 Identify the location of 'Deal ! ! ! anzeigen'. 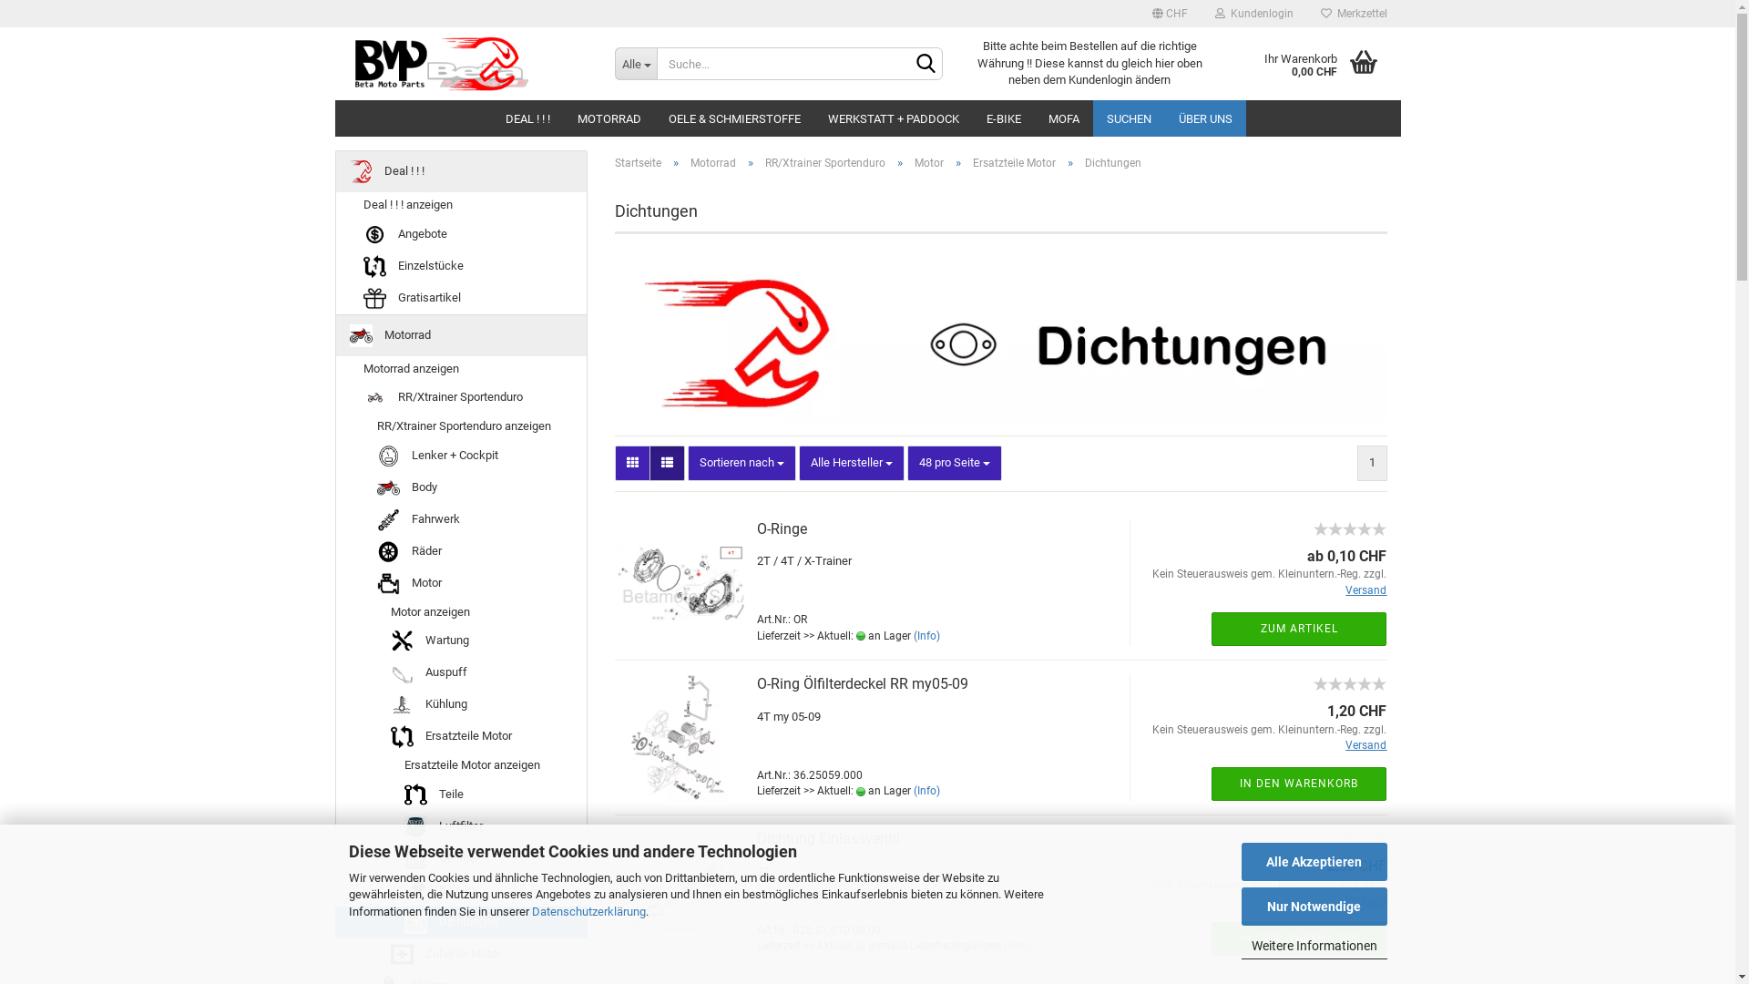
(460, 205).